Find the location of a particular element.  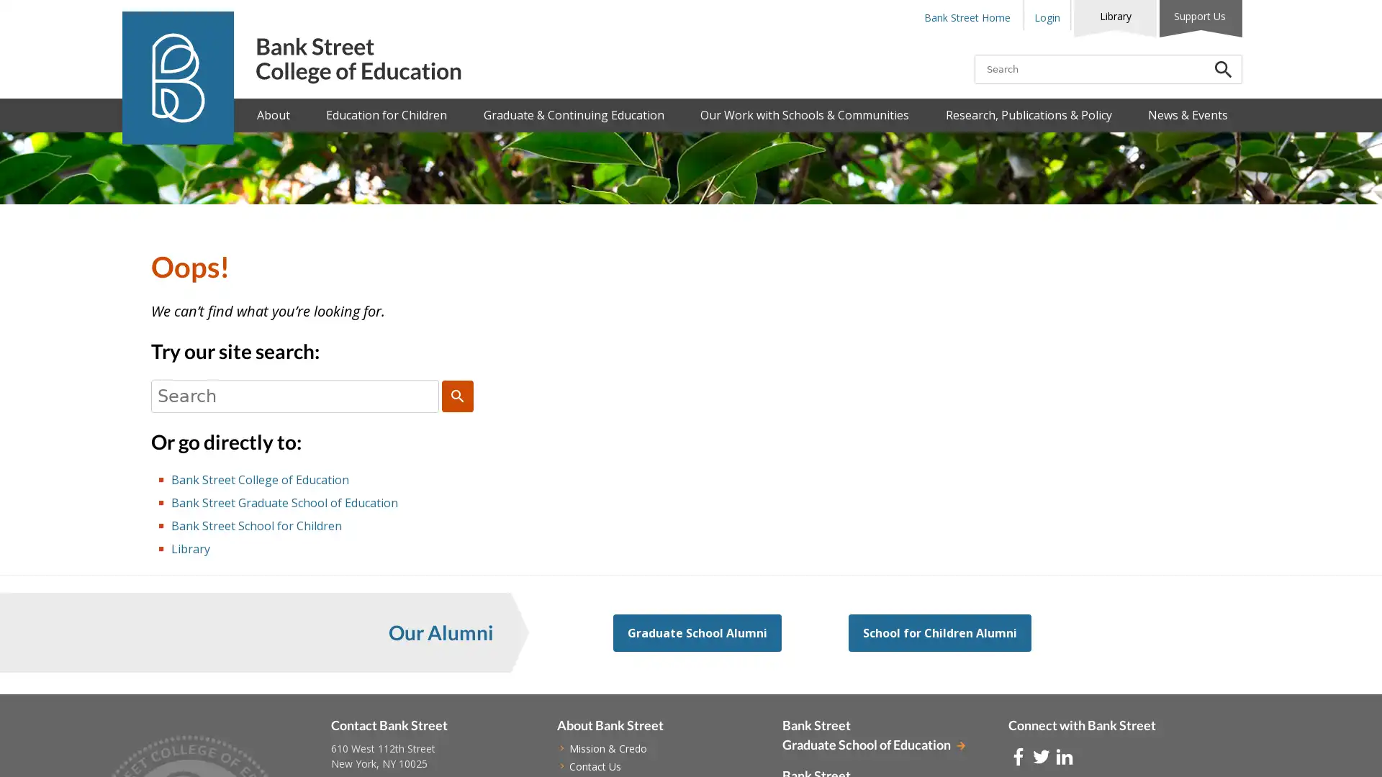

Search is located at coordinates (1222, 69).